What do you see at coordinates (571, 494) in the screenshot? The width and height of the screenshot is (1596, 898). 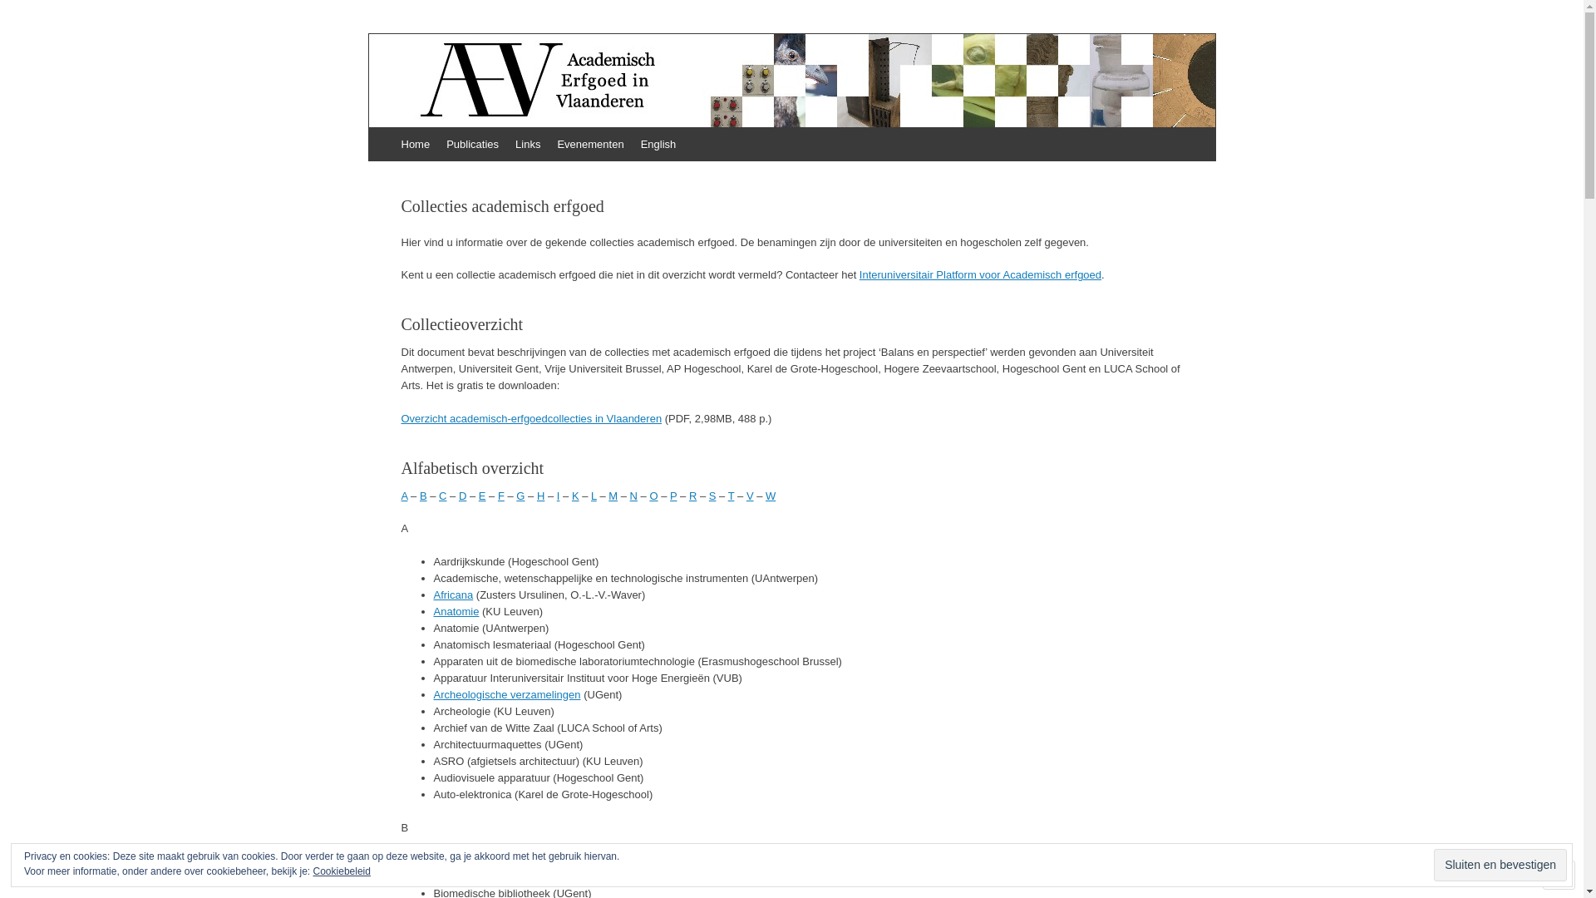 I see `'K'` at bounding box center [571, 494].